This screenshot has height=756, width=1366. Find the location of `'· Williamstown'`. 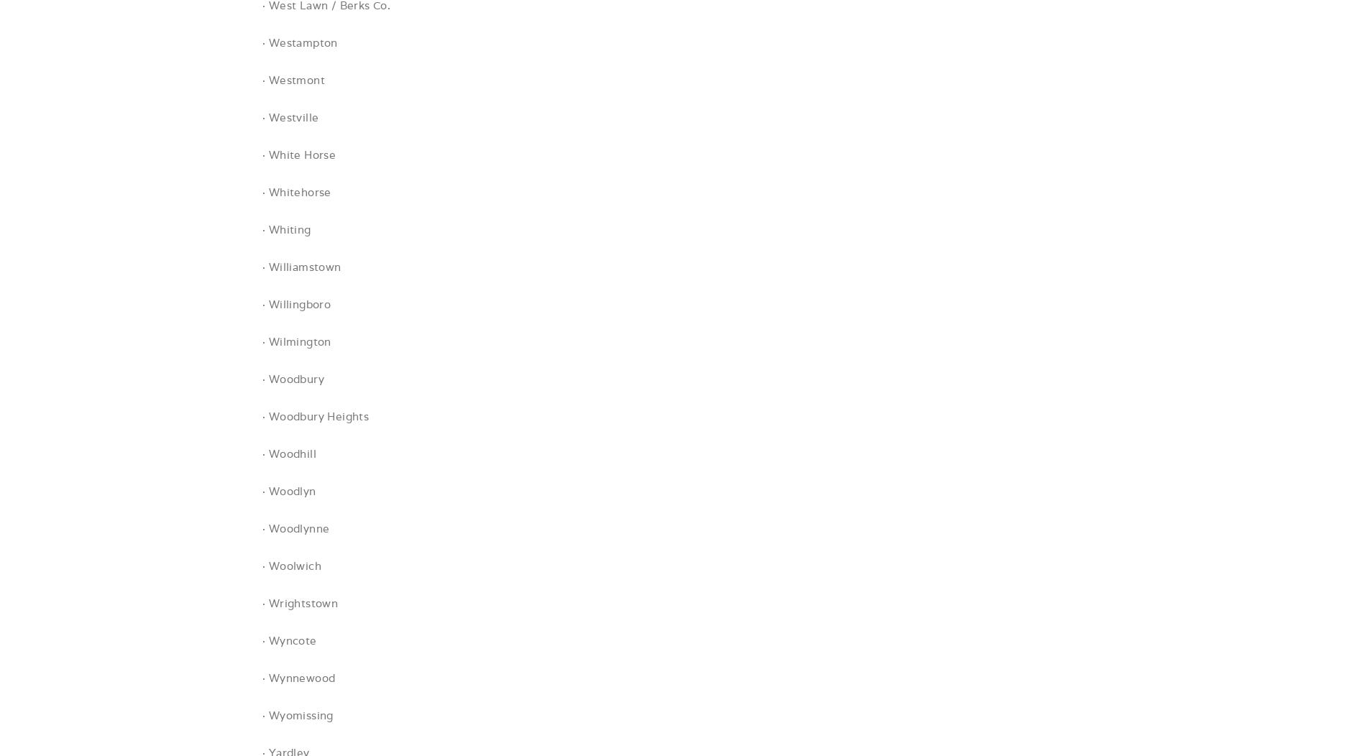

'· Williamstown' is located at coordinates (301, 267).